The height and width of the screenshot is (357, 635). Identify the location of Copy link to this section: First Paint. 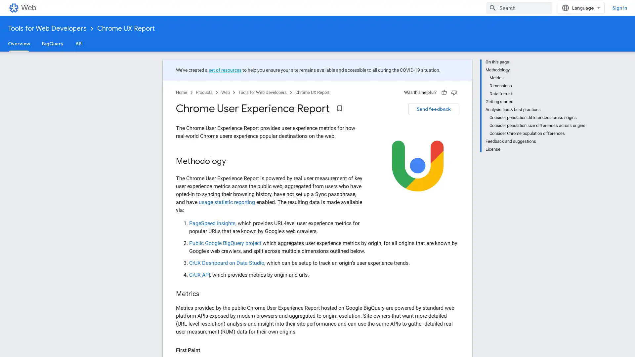
(206, 350).